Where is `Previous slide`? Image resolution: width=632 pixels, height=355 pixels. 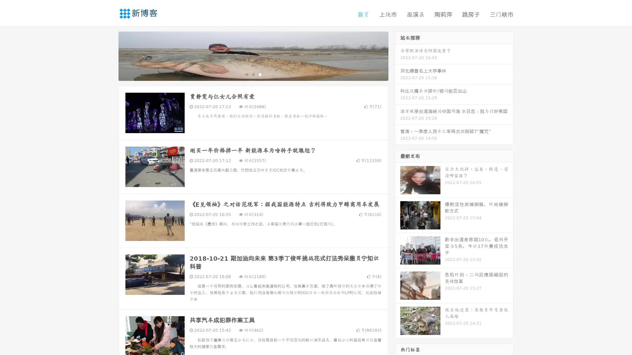 Previous slide is located at coordinates (109, 55).